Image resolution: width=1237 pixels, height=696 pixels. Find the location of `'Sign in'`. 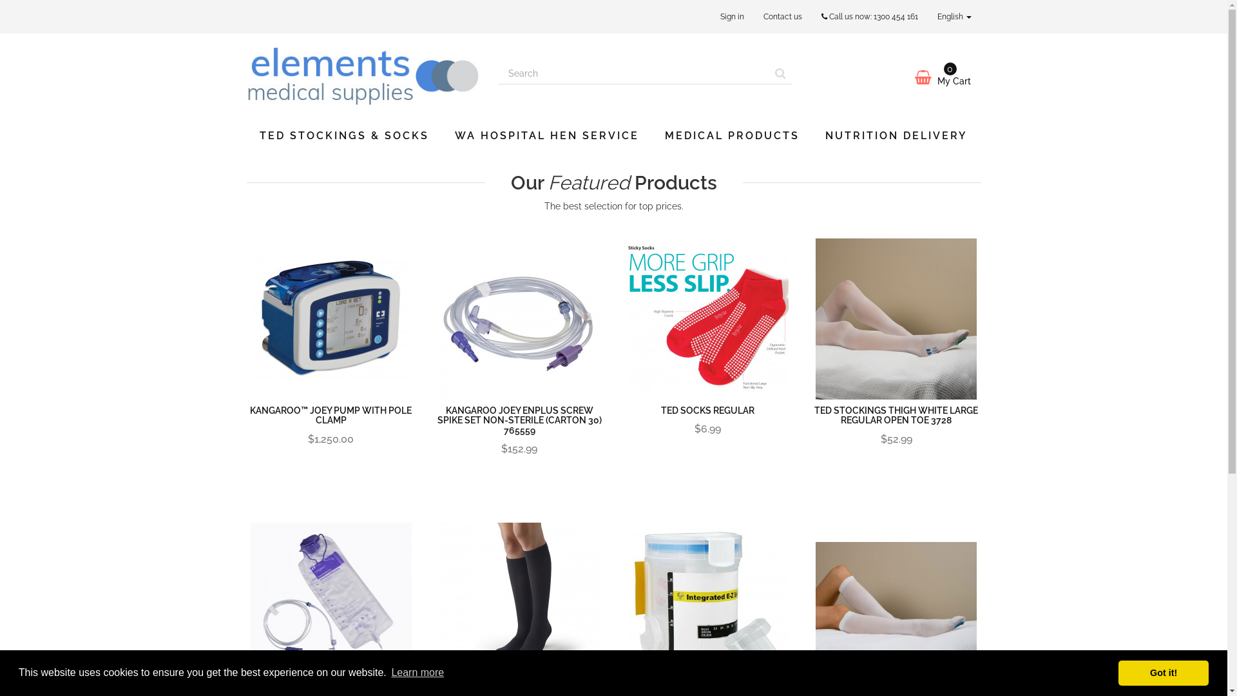

'Sign in' is located at coordinates (709, 17).